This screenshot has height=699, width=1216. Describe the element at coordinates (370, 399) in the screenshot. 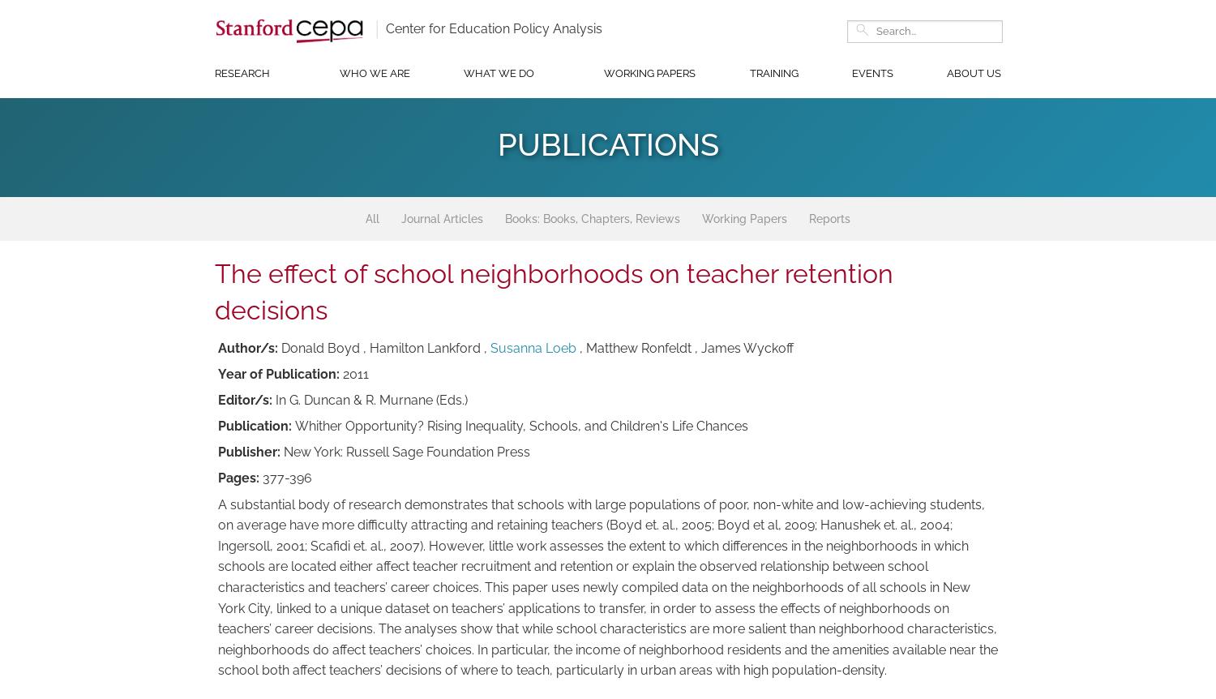

I see `'In G. Duncan & R. Murnane (Eds.)'` at that location.